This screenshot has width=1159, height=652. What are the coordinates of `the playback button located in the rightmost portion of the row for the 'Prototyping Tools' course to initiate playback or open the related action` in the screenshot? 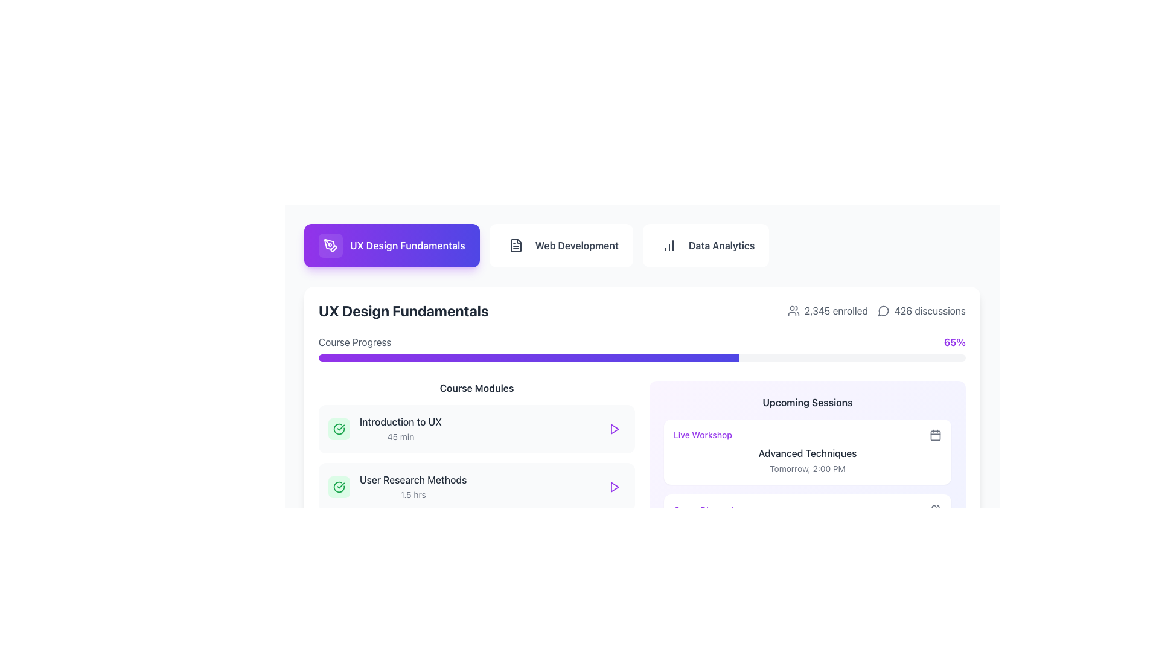 It's located at (614, 603).